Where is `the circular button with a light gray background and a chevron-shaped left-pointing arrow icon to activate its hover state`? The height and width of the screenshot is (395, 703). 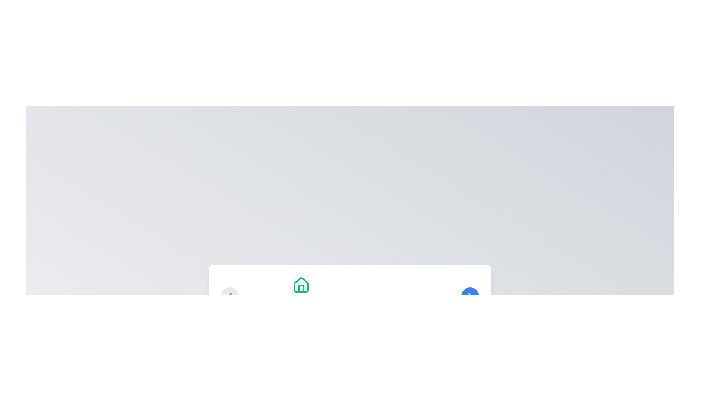
the circular button with a light gray background and a chevron-shaped left-pointing arrow icon to activate its hover state is located at coordinates (230, 296).